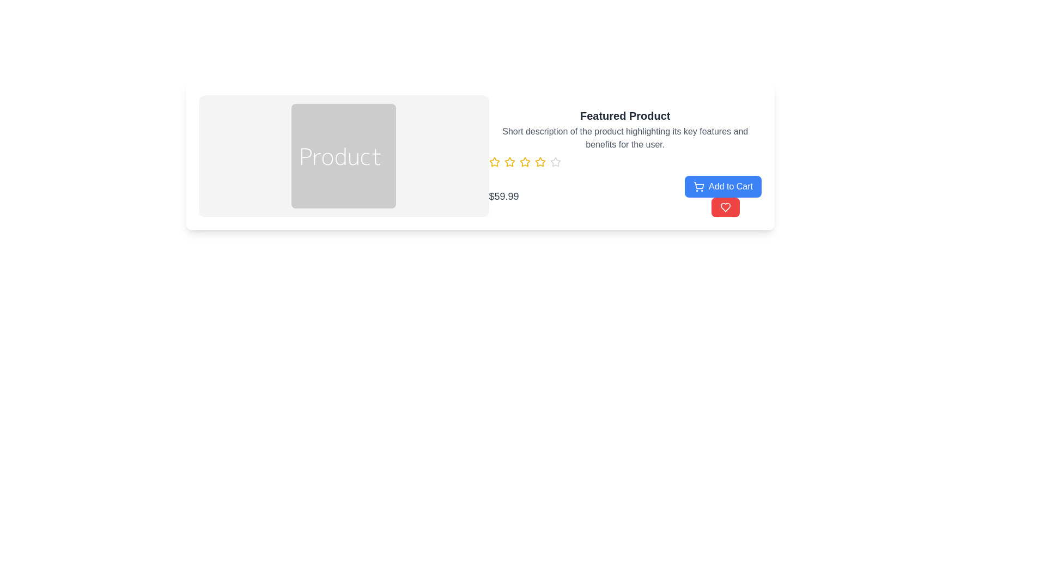 The width and height of the screenshot is (1046, 588). What do you see at coordinates (494, 162) in the screenshot?
I see `the first yellow star icon in the star rating interface, located below the 'Featured Product' title` at bounding box center [494, 162].